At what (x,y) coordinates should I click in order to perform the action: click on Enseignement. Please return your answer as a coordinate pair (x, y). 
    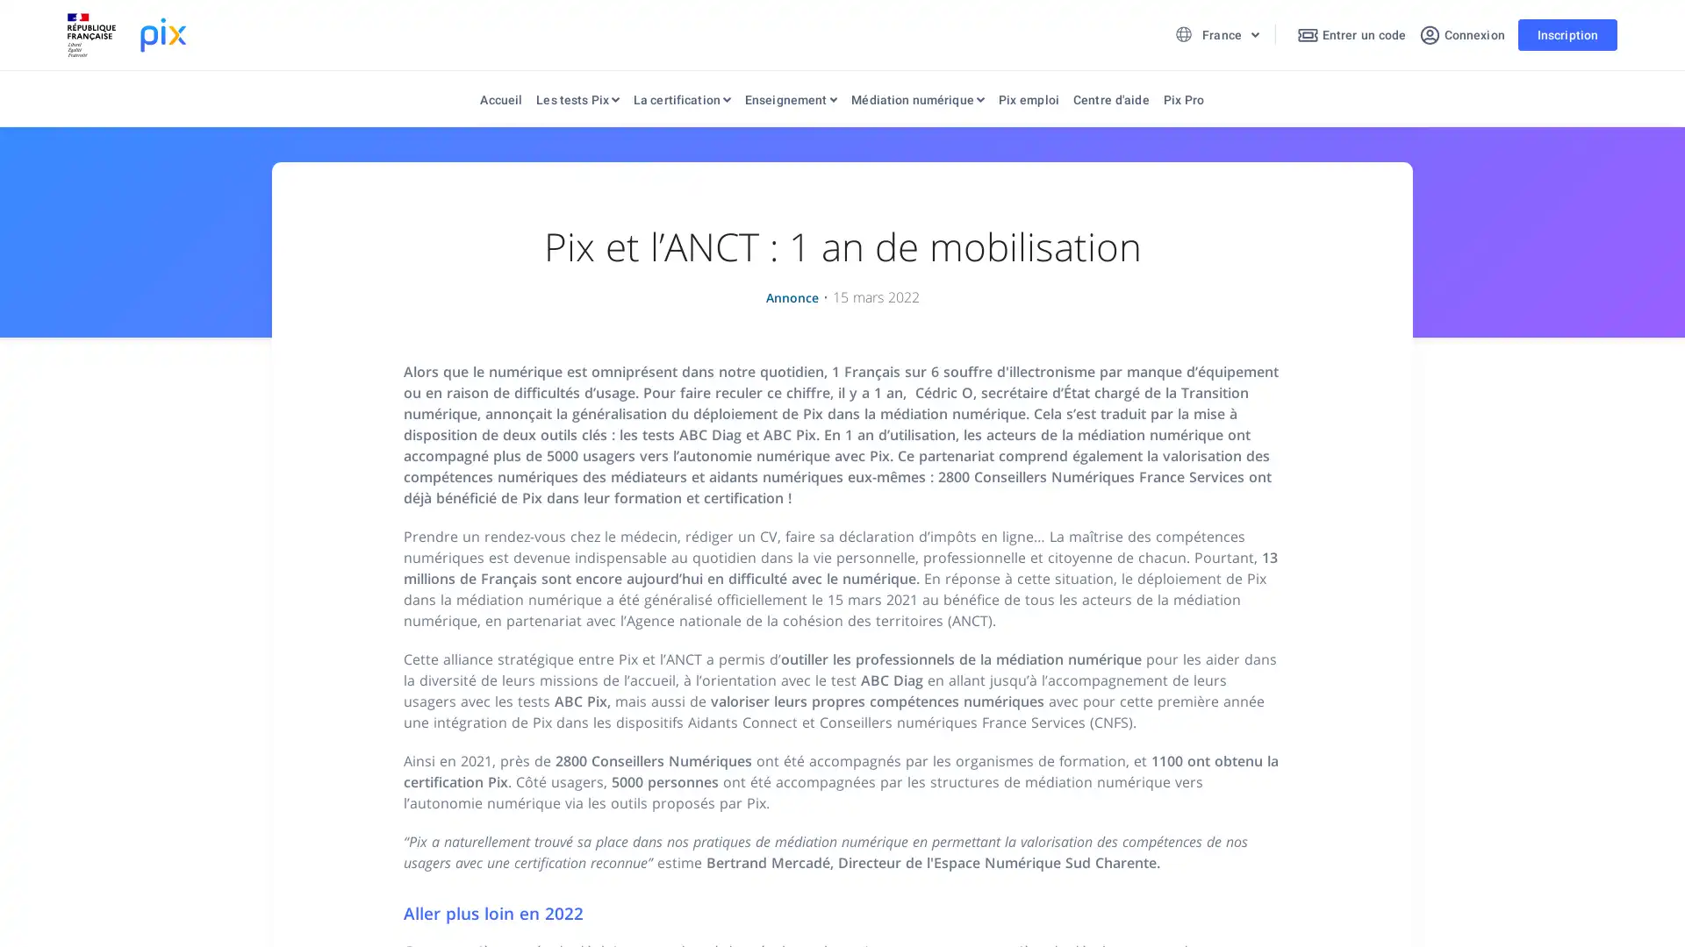
    Looking at the image, I should click on (790, 103).